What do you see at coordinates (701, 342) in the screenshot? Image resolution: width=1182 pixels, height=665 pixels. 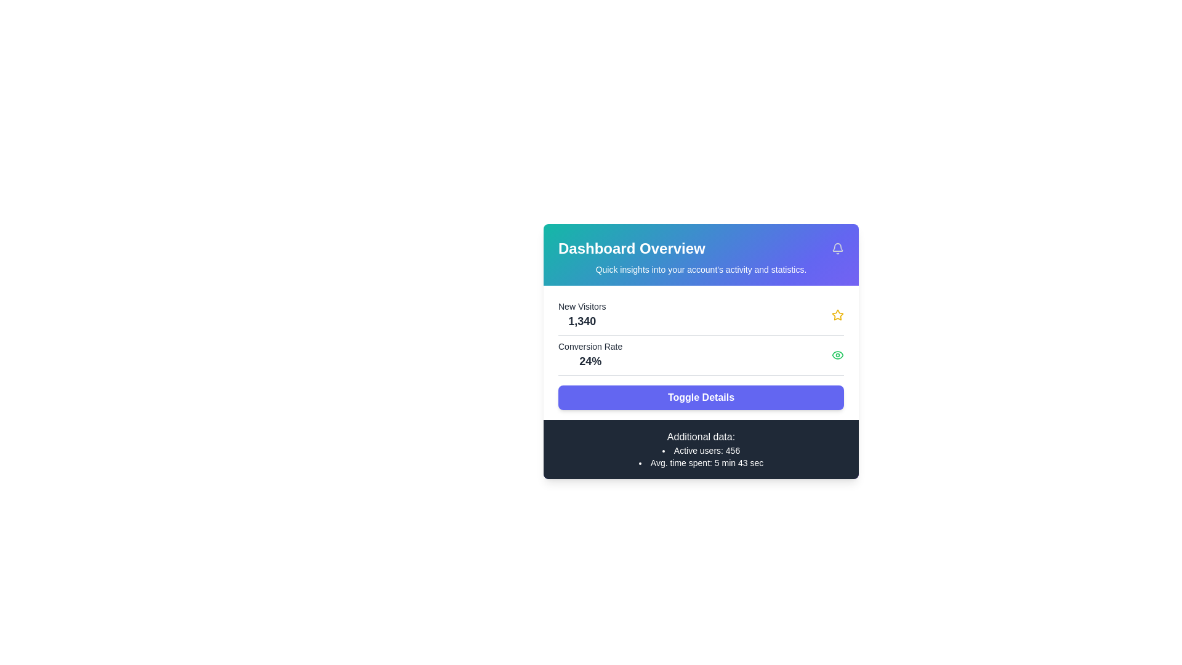 I see `an event-triggering element within the Overview panel, which displays key metrics and insights related to account activity` at bounding box center [701, 342].